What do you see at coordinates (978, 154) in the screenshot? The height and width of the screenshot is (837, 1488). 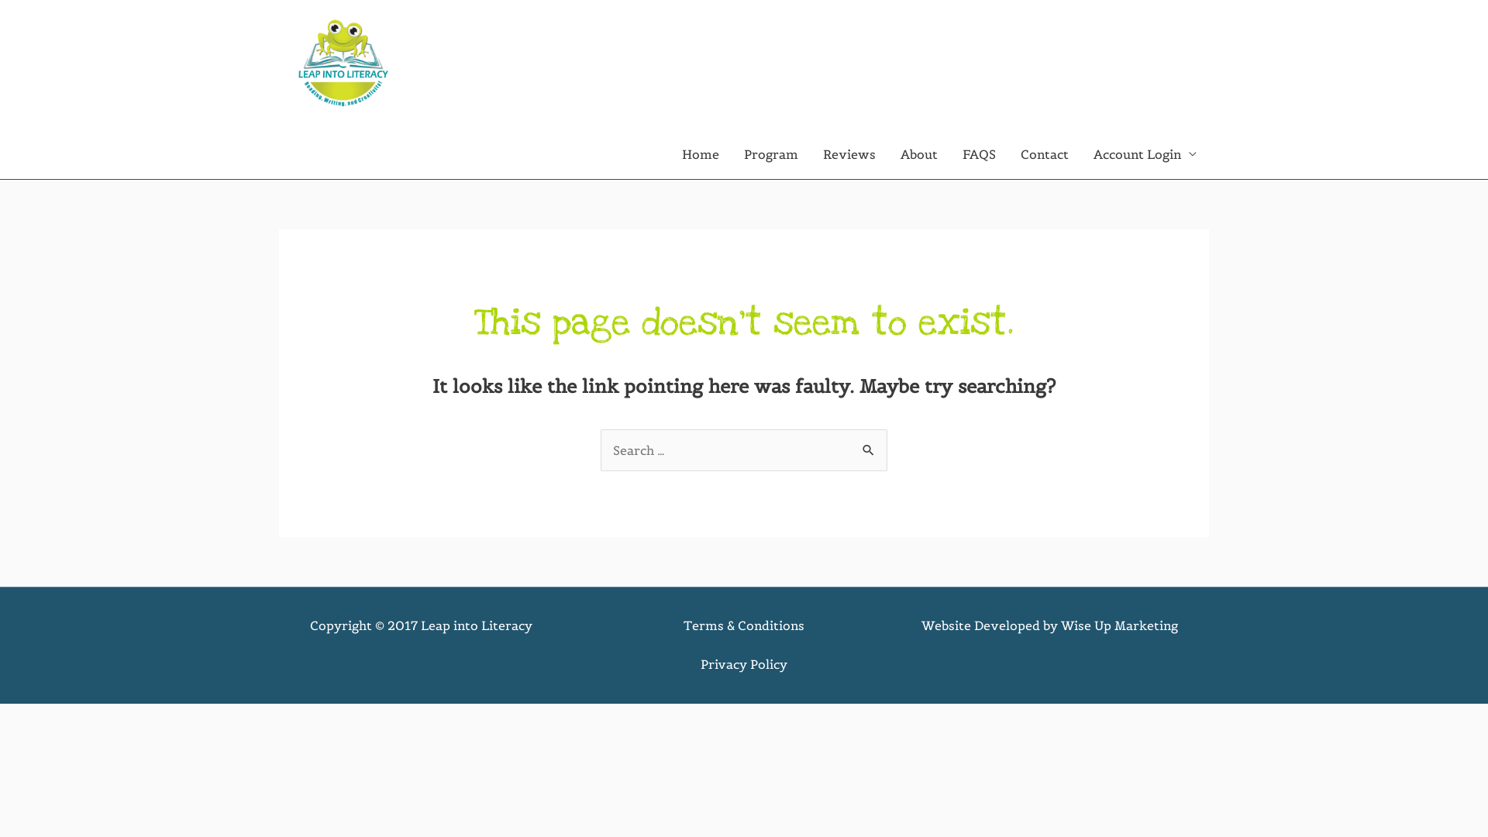 I see `'FAQS'` at bounding box center [978, 154].